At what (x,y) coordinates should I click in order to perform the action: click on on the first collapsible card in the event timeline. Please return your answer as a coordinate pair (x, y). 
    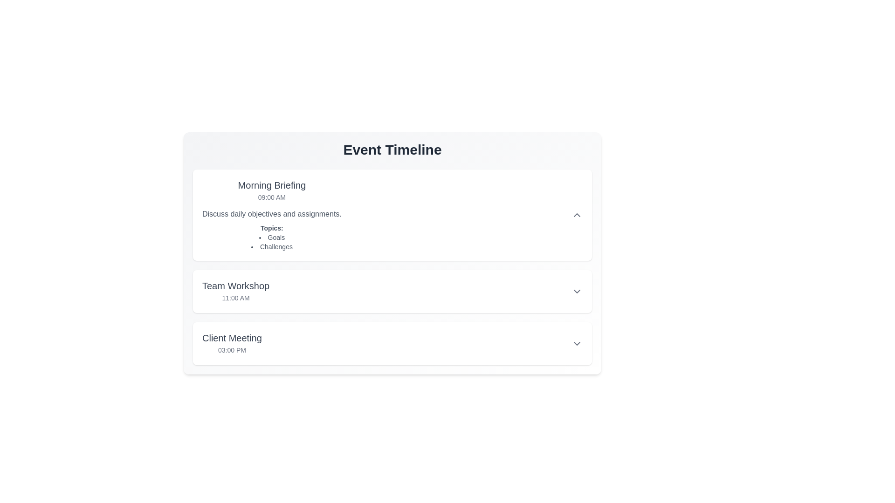
    Looking at the image, I should click on (392, 215).